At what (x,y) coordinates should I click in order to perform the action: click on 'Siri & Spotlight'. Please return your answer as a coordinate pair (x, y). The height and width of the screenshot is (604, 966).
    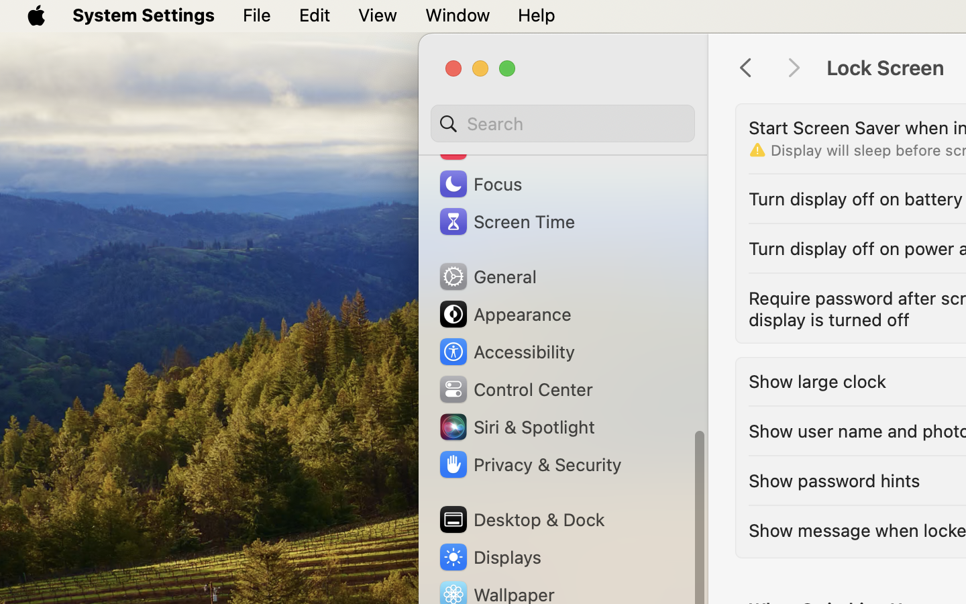
    Looking at the image, I should click on (515, 427).